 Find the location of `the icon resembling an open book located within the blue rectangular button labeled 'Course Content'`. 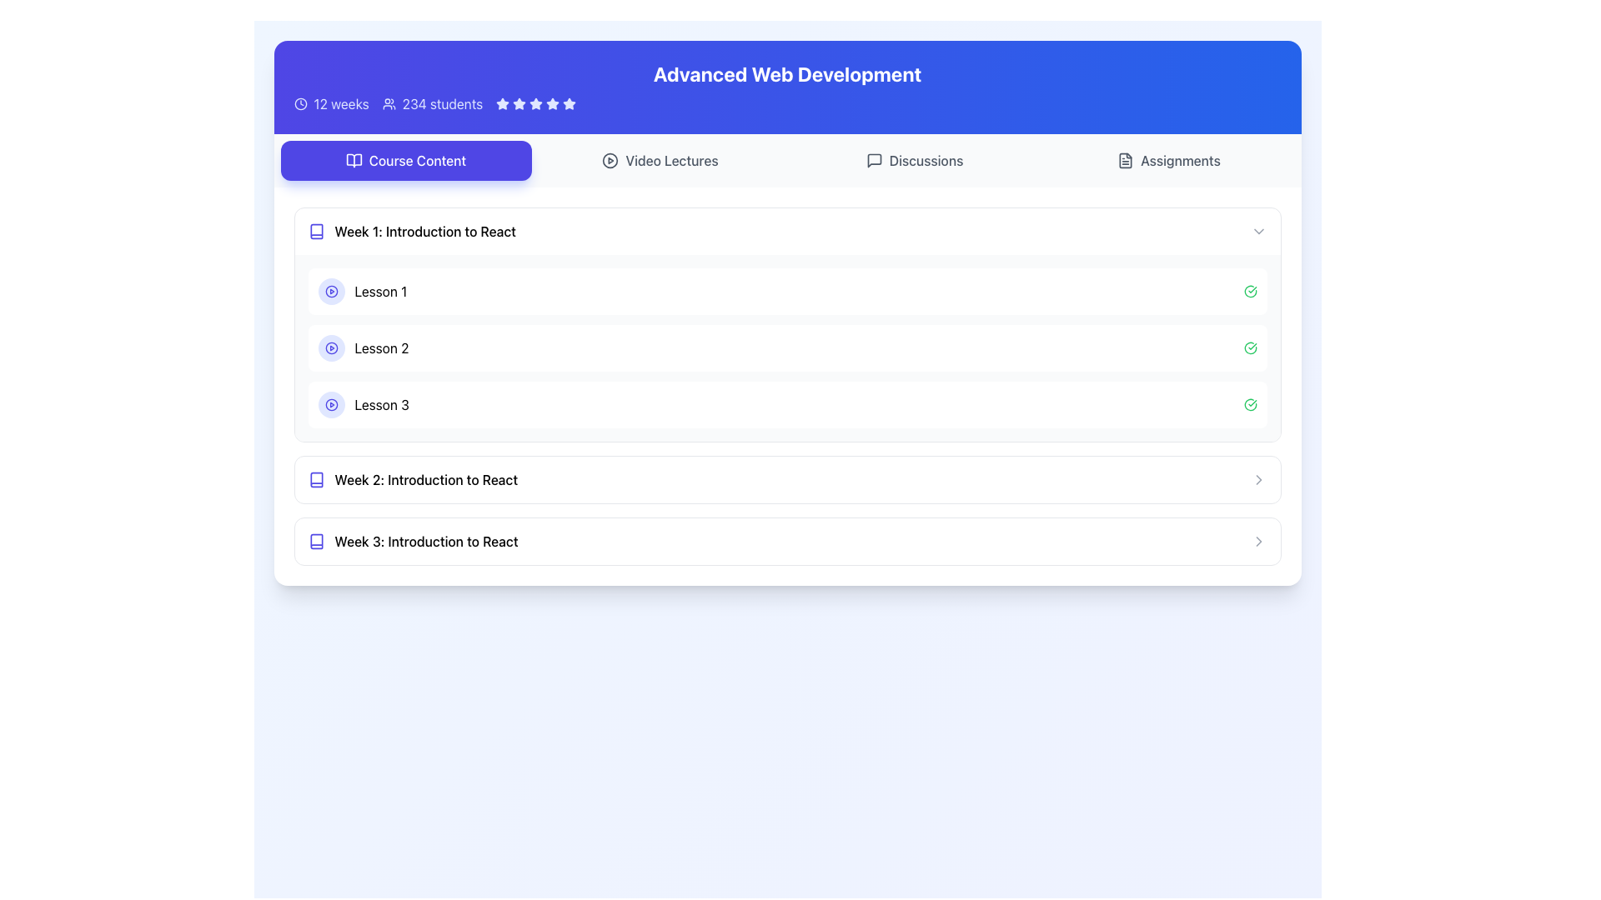

the icon resembling an open book located within the blue rectangular button labeled 'Course Content' is located at coordinates (353, 160).